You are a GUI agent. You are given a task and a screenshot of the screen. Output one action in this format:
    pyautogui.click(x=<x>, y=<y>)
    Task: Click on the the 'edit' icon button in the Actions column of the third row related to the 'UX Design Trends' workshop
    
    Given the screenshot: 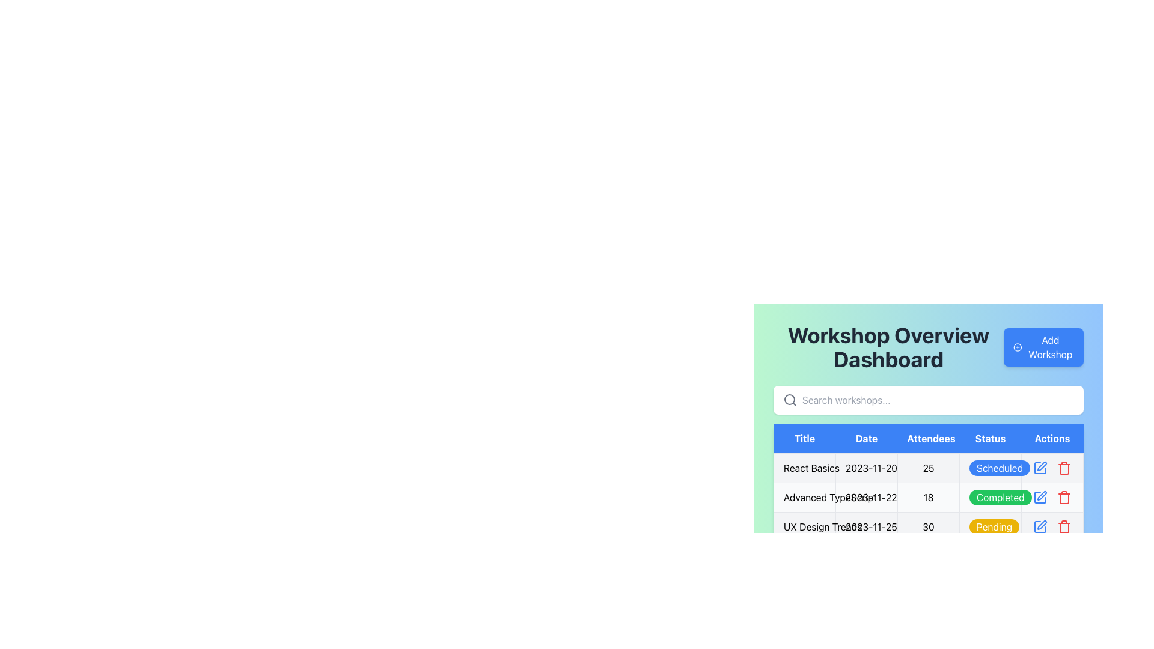 What is the action you would take?
    pyautogui.click(x=1041, y=525)
    